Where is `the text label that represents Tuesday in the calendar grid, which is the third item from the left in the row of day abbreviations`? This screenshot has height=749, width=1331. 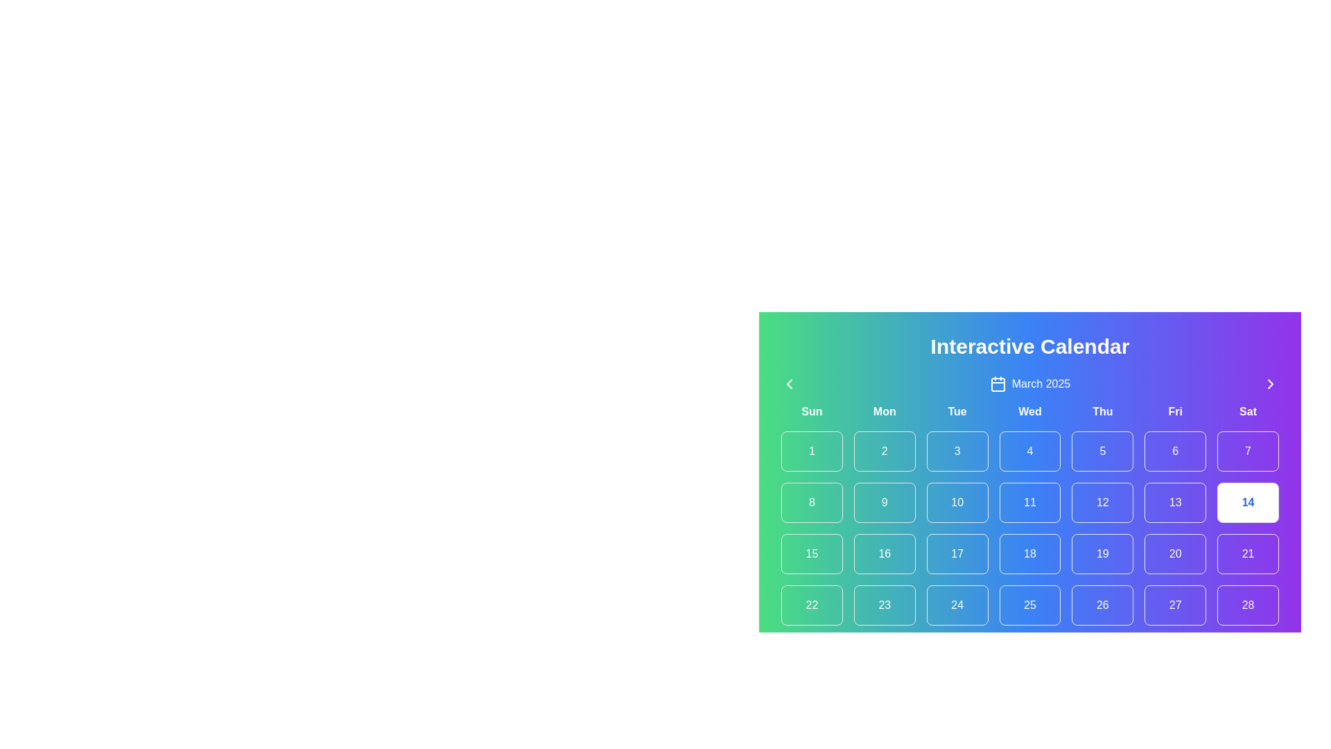
the text label that represents Tuesday in the calendar grid, which is the third item from the left in the row of day abbreviations is located at coordinates (957, 411).